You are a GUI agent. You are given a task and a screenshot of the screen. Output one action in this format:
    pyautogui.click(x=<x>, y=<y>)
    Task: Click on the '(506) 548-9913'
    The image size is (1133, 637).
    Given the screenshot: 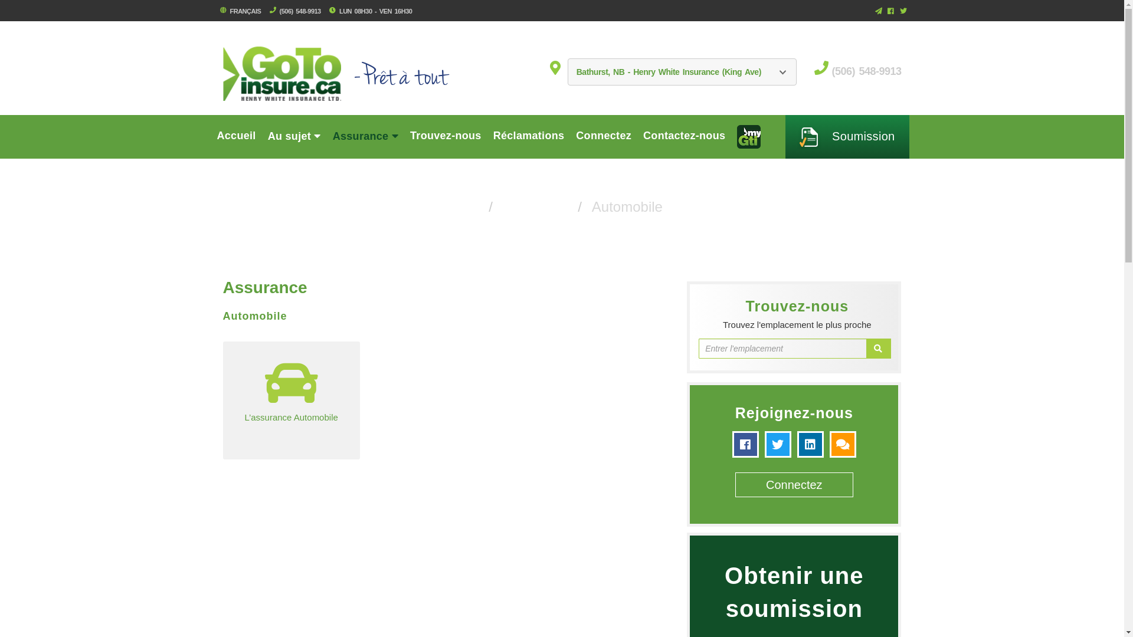 What is the action you would take?
    pyautogui.click(x=298, y=11)
    